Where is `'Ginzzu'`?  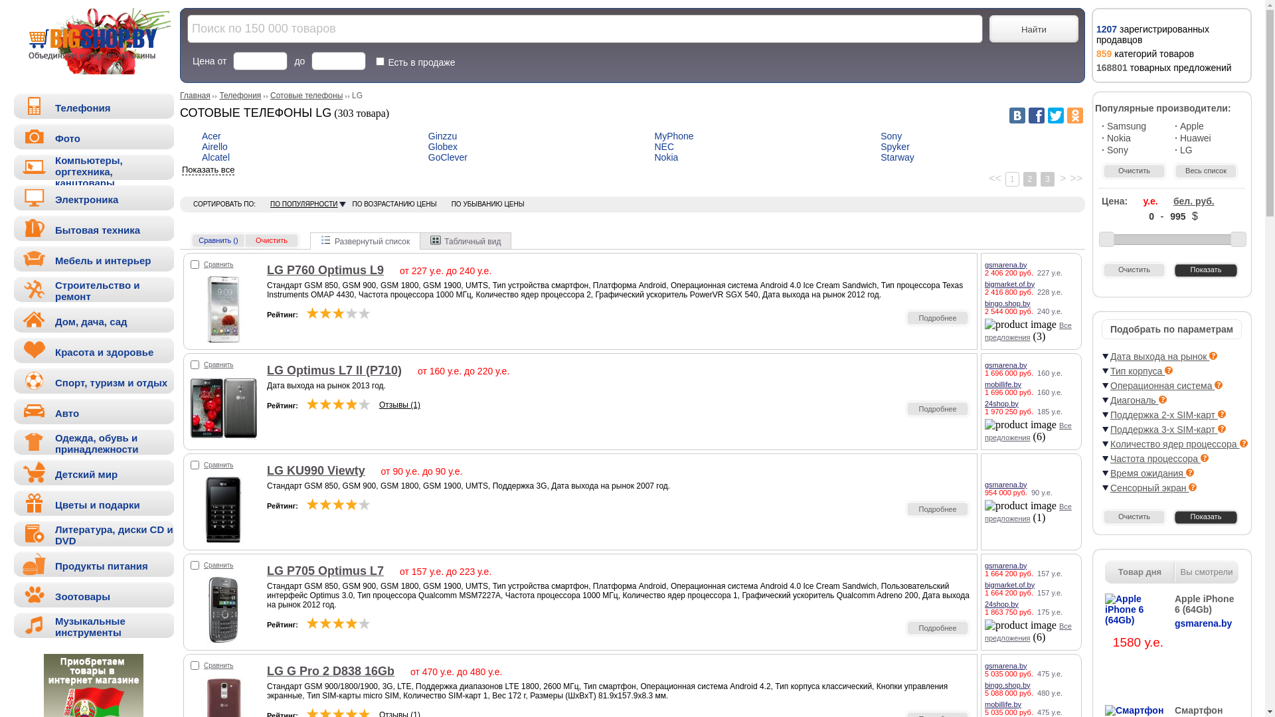 'Ginzzu' is located at coordinates (443, 135).